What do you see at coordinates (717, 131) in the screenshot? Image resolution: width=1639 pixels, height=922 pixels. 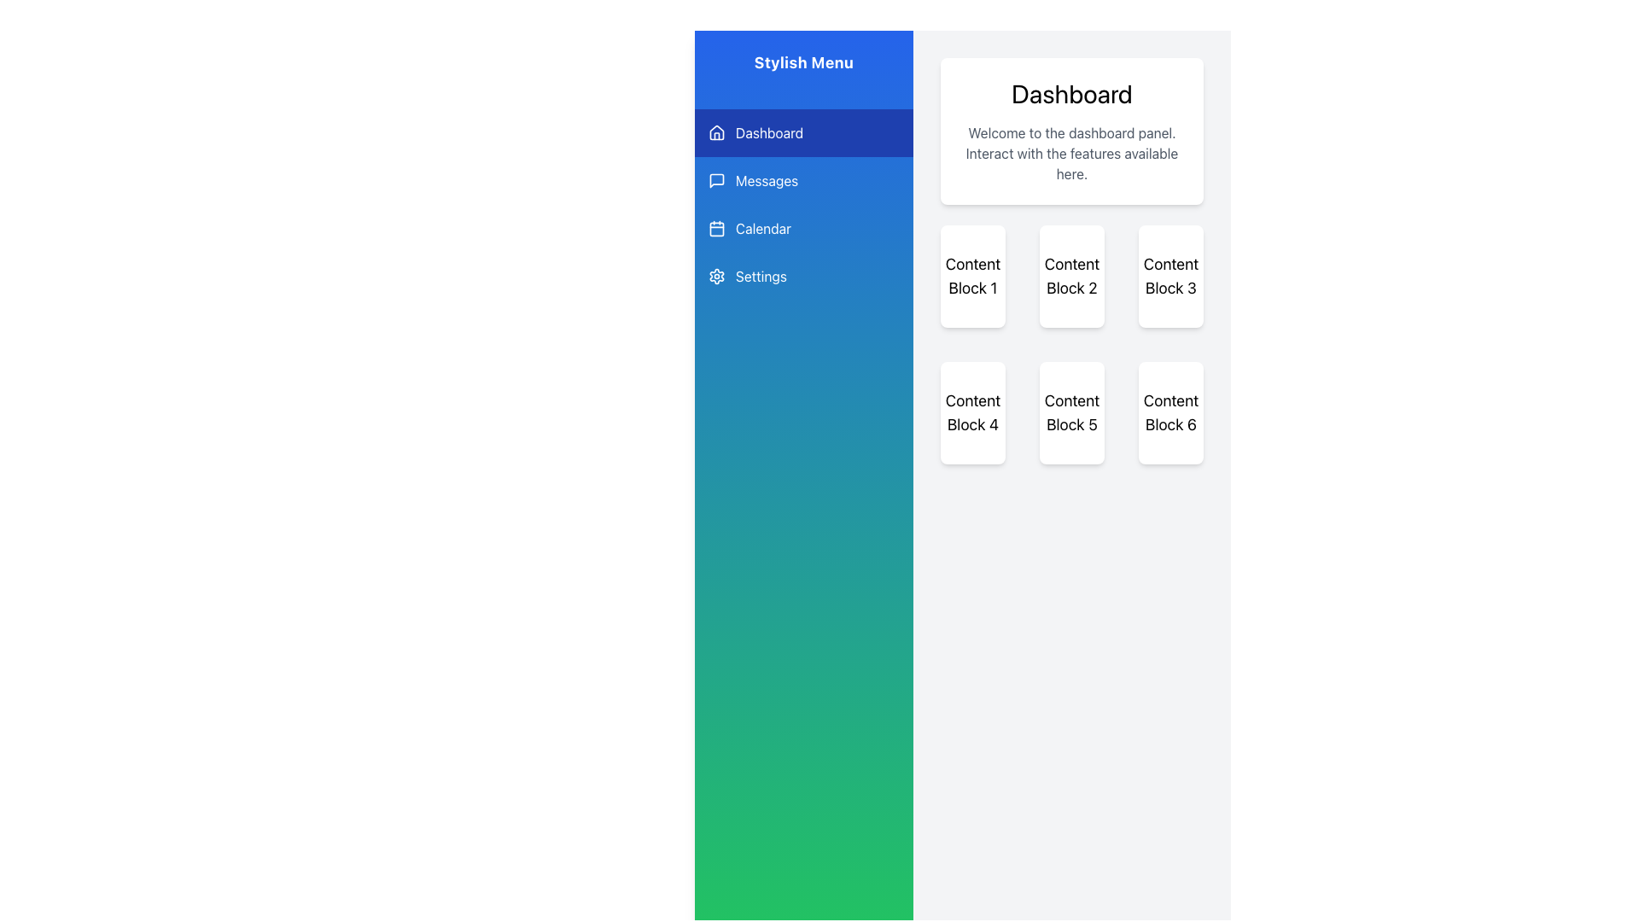 I see `the Dashboard icon, which is a small house-shaped icon with white strokes on a transparent background, located at the top-left corner of the Dashboard menu item in the interactive sidebar` at bounding box center [717, 131].